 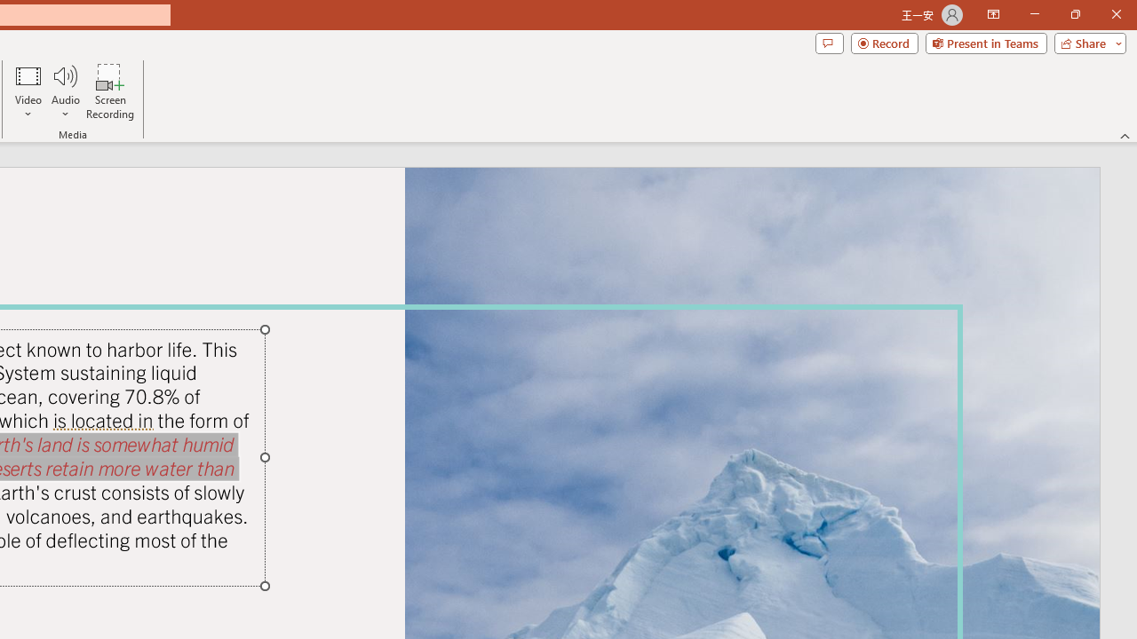 What do you see at coordinates (28, 91) in the screenshot?
I see `'Video'` at bounding box center [28, 91].